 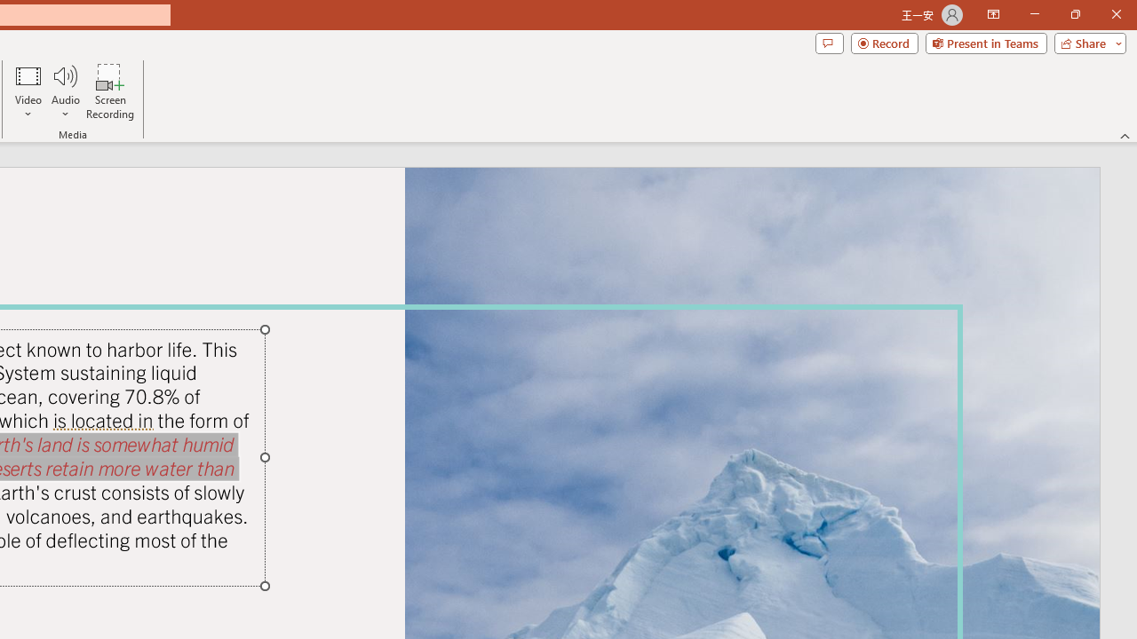 What do you see at coordinates (28, 91) in the screenshot?
I see `'Video'` at bounding box center [28, 91].